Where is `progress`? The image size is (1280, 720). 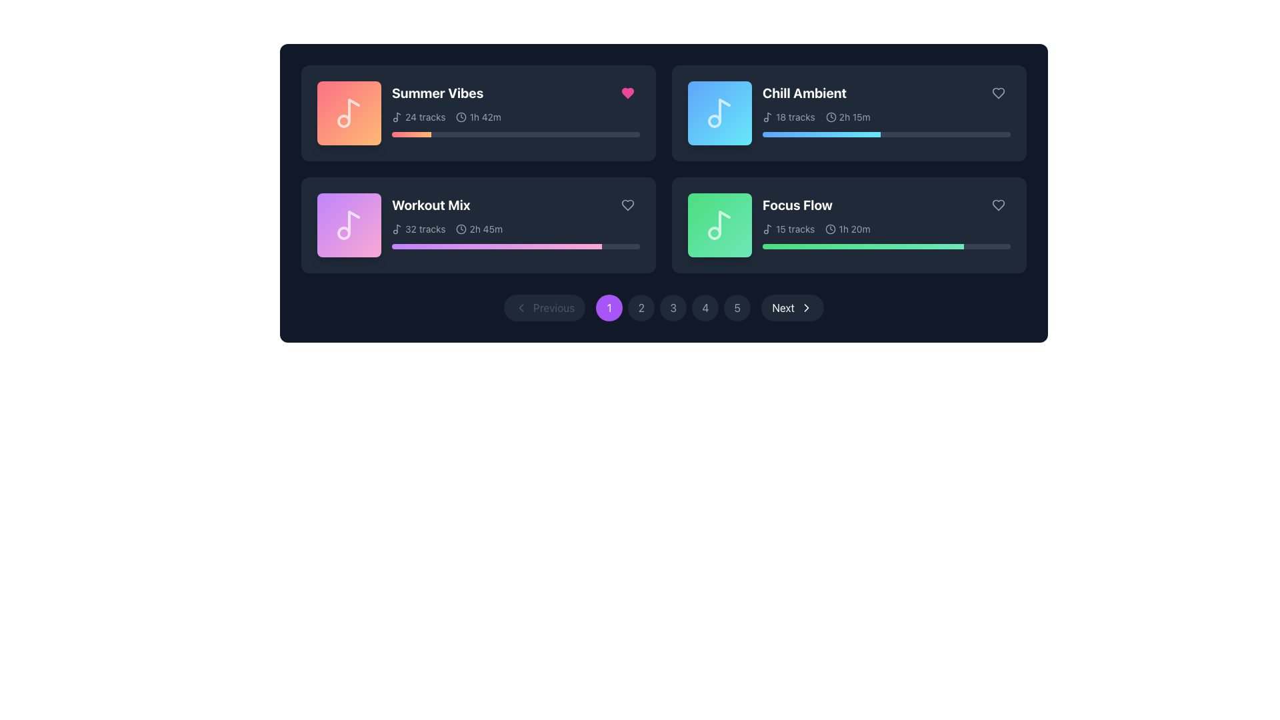
progress is located at coordinates (492, 247).